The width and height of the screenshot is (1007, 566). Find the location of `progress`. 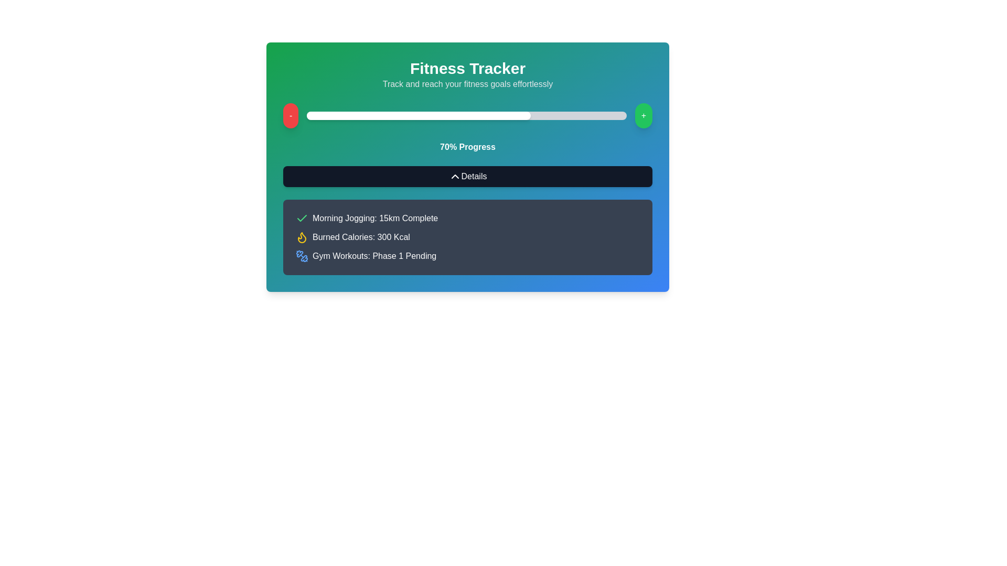

progress is located at coordinates (383, 115).